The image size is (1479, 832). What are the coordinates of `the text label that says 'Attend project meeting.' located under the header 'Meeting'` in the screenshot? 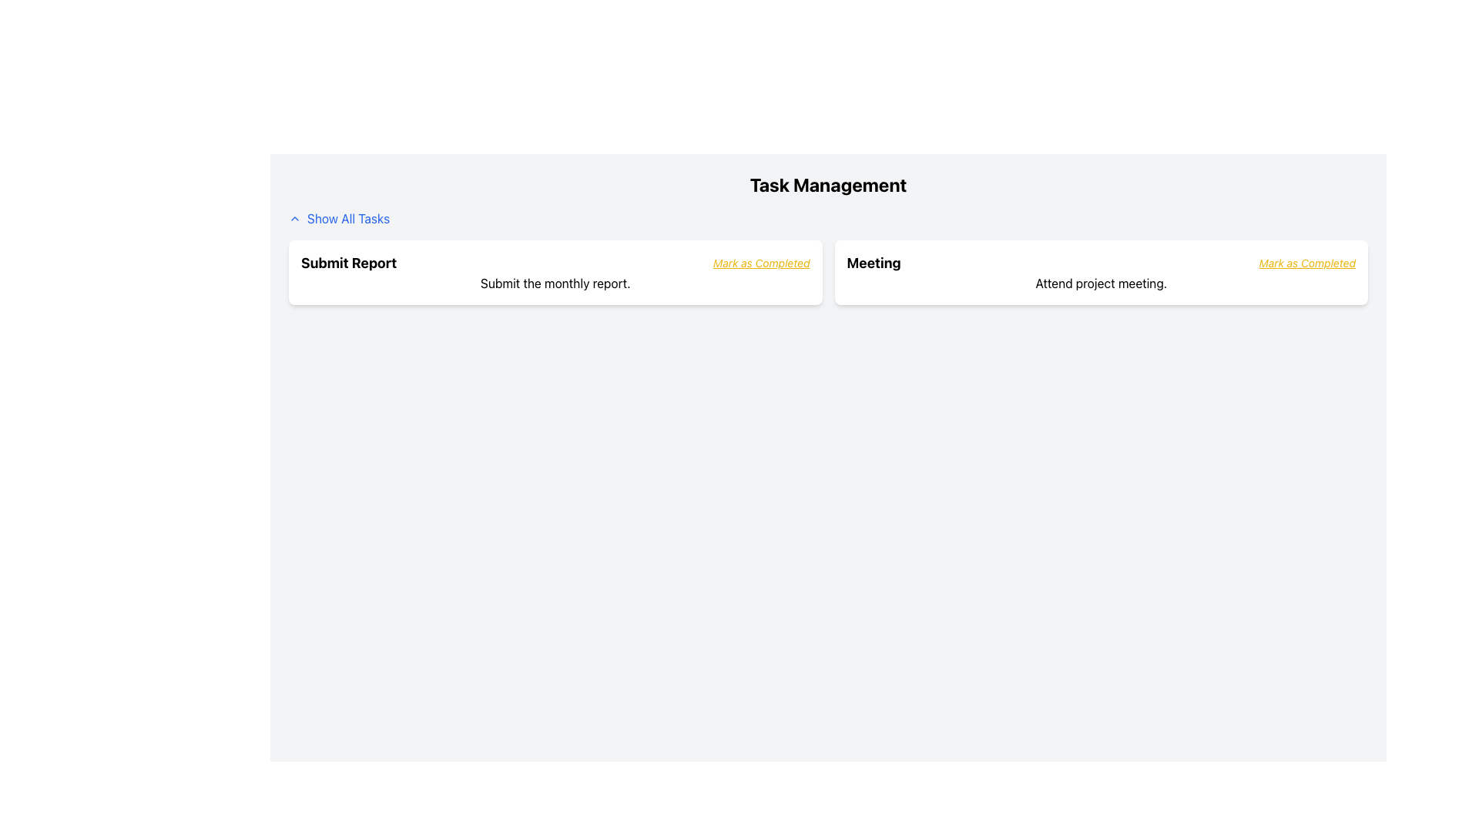 It's located at (1100, 283).